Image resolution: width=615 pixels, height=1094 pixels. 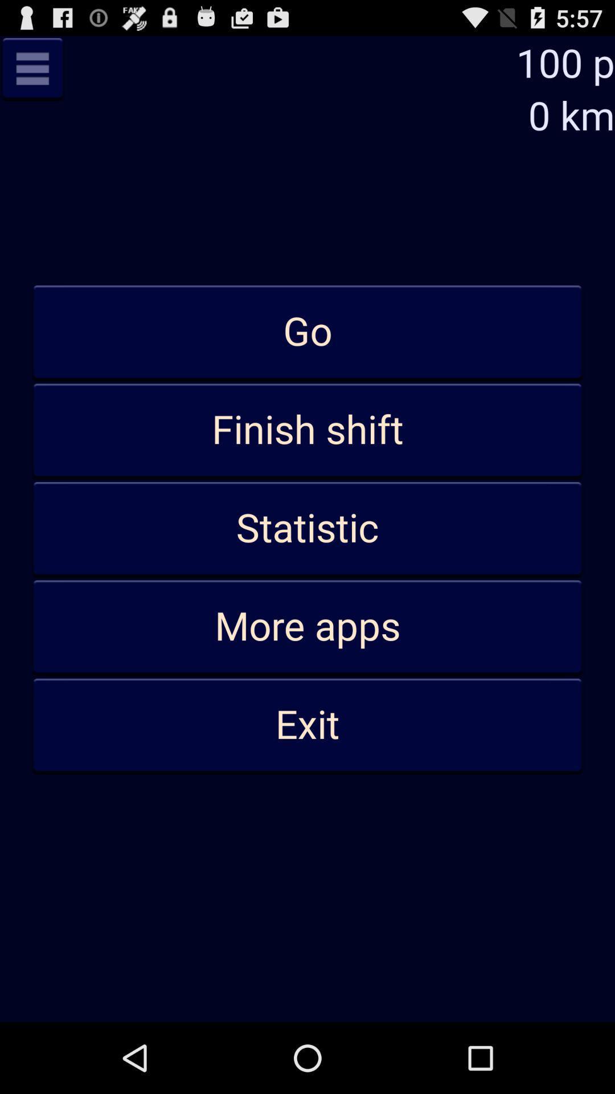 What do you see at coordinates (307, 332) in the screenshot?
I see `item below the 0 km` at bounding box center [307, 332].